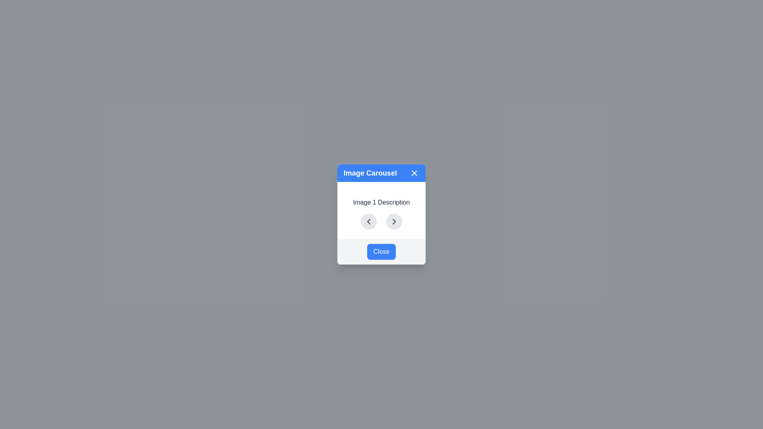 The width and height of the screenshot is (763, 429). Describe the element at coordinates (394, 222) in the screenshot. I see `the 'next' button located at the bottom center of the dialog box, to the right of the left-pointing arrow button` at that location.